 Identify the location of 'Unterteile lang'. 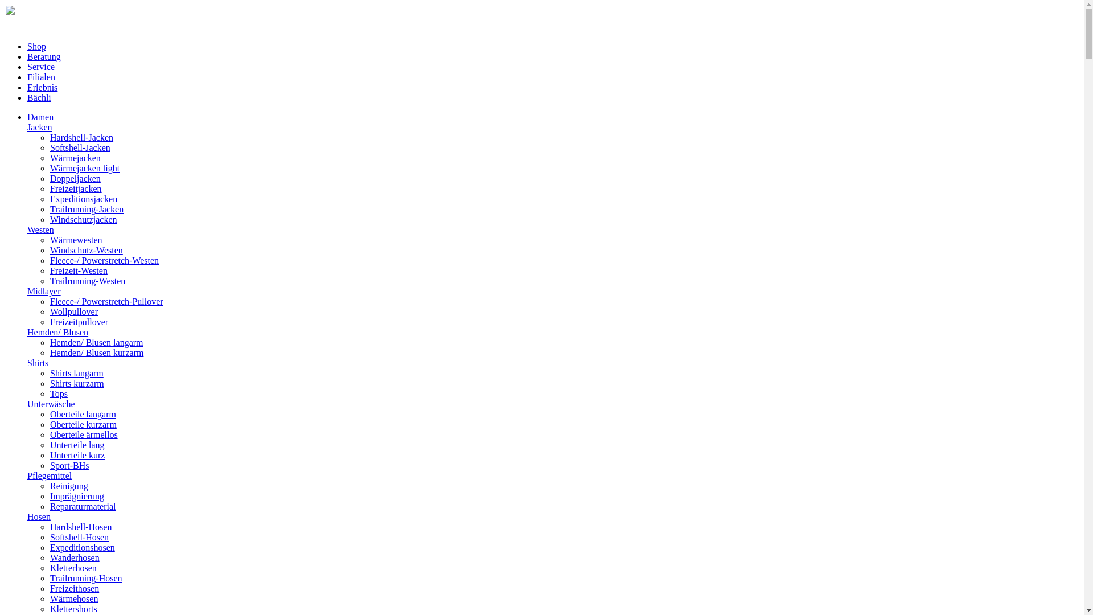
(76, 444).